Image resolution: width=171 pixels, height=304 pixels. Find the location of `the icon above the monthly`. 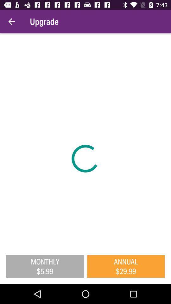

the icon above the monthly is located at coordinates (85, 141).